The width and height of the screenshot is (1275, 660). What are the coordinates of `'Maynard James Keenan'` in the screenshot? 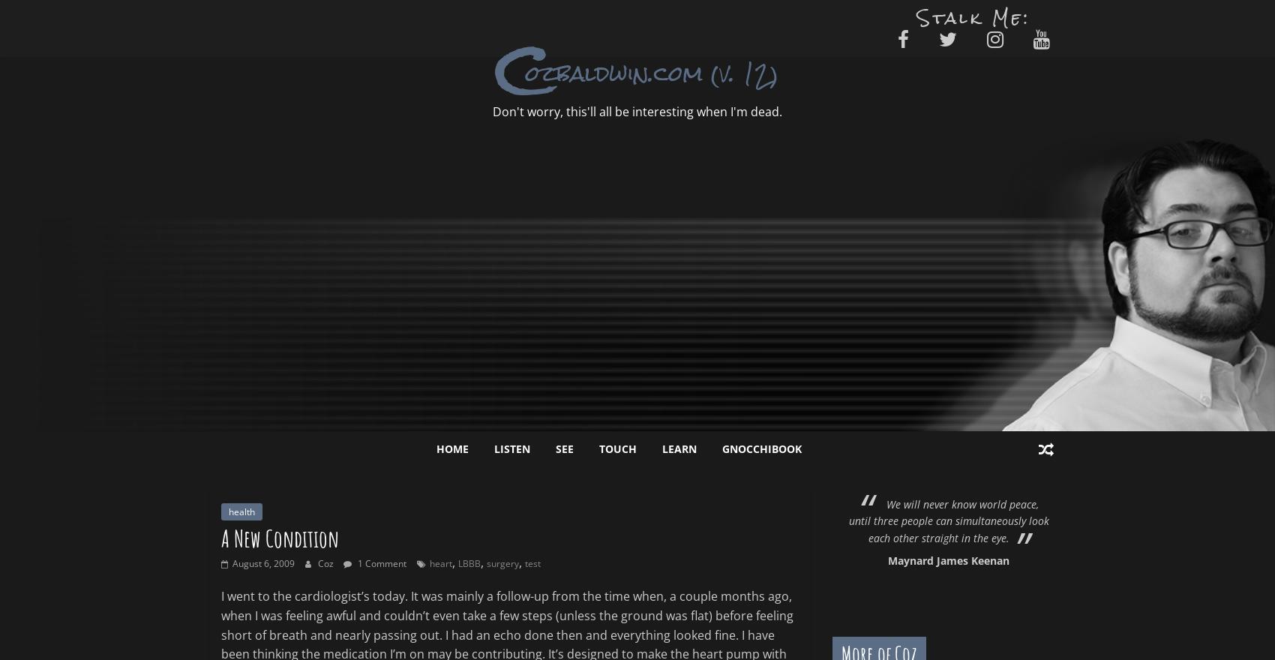 It's located at (947, 559).